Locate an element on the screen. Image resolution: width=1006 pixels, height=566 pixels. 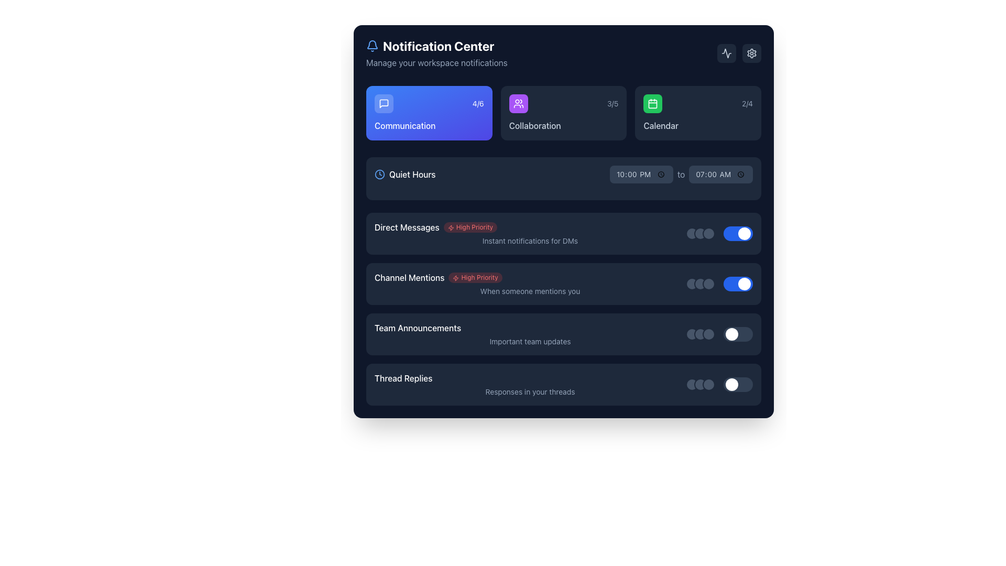
the toggle switch on the 'Thread Replies' option in the Notification Center to switch it on or off is located at coordinates (718, 384).